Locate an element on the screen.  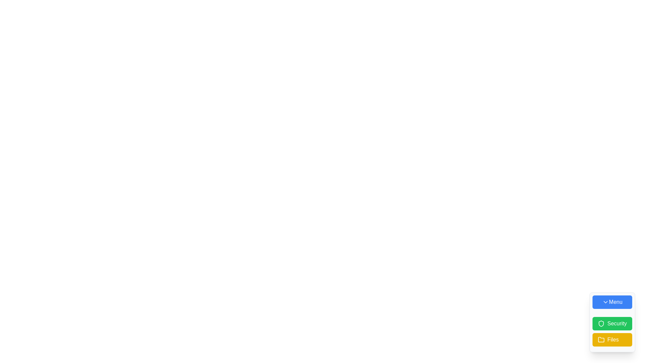
the shield icon located to the left of the text 'Security' within the green button labeled 'Security' is located at coordinates (601, 323).